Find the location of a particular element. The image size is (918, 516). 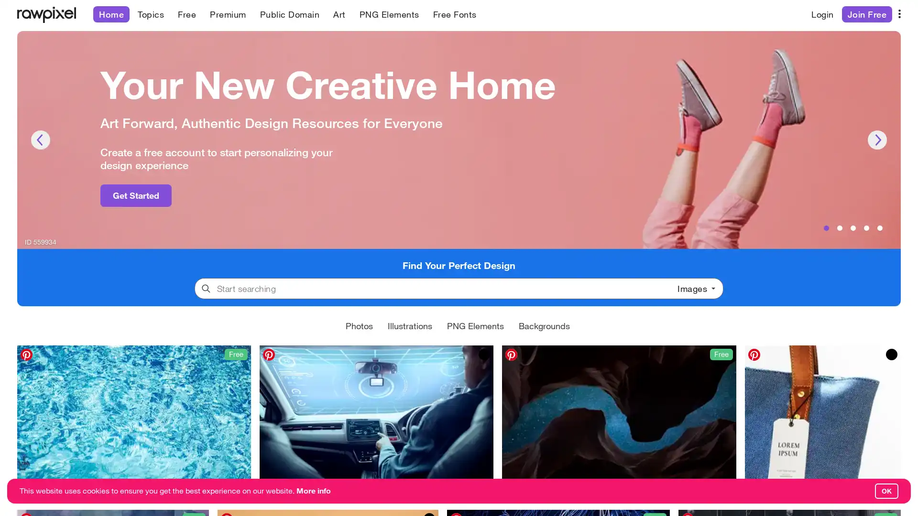

Save is located at coordinates (33, 492).